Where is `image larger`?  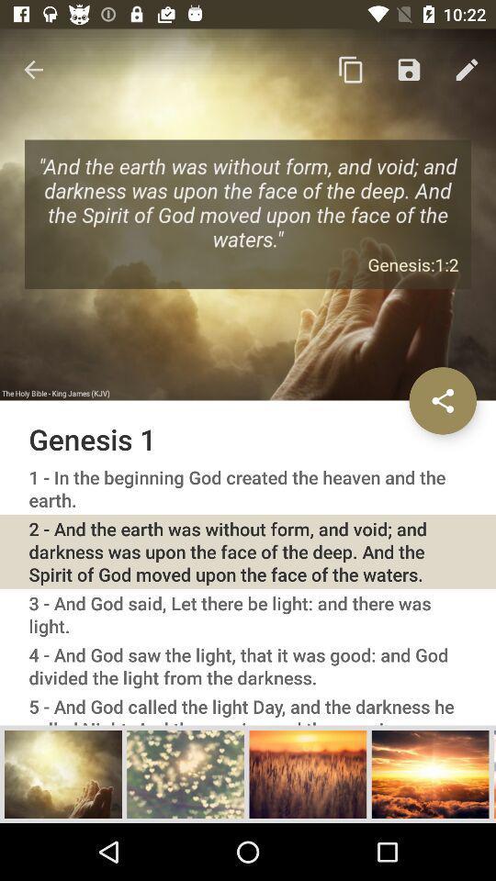 image larger is located at coordinates (186, 773).